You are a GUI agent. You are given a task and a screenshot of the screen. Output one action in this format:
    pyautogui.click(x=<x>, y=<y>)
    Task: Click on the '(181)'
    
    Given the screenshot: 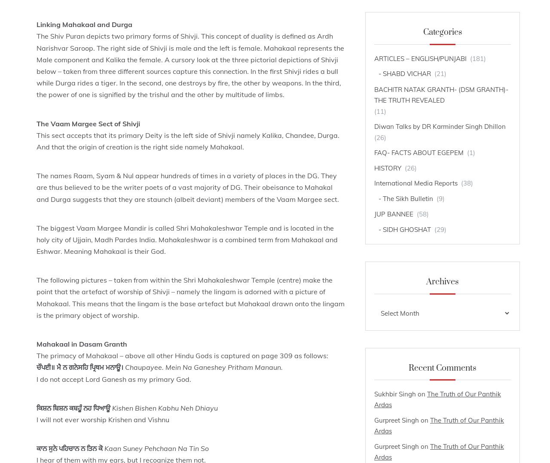 What is the action you would take?
    pyautogui.click(x=477, y=58)
    